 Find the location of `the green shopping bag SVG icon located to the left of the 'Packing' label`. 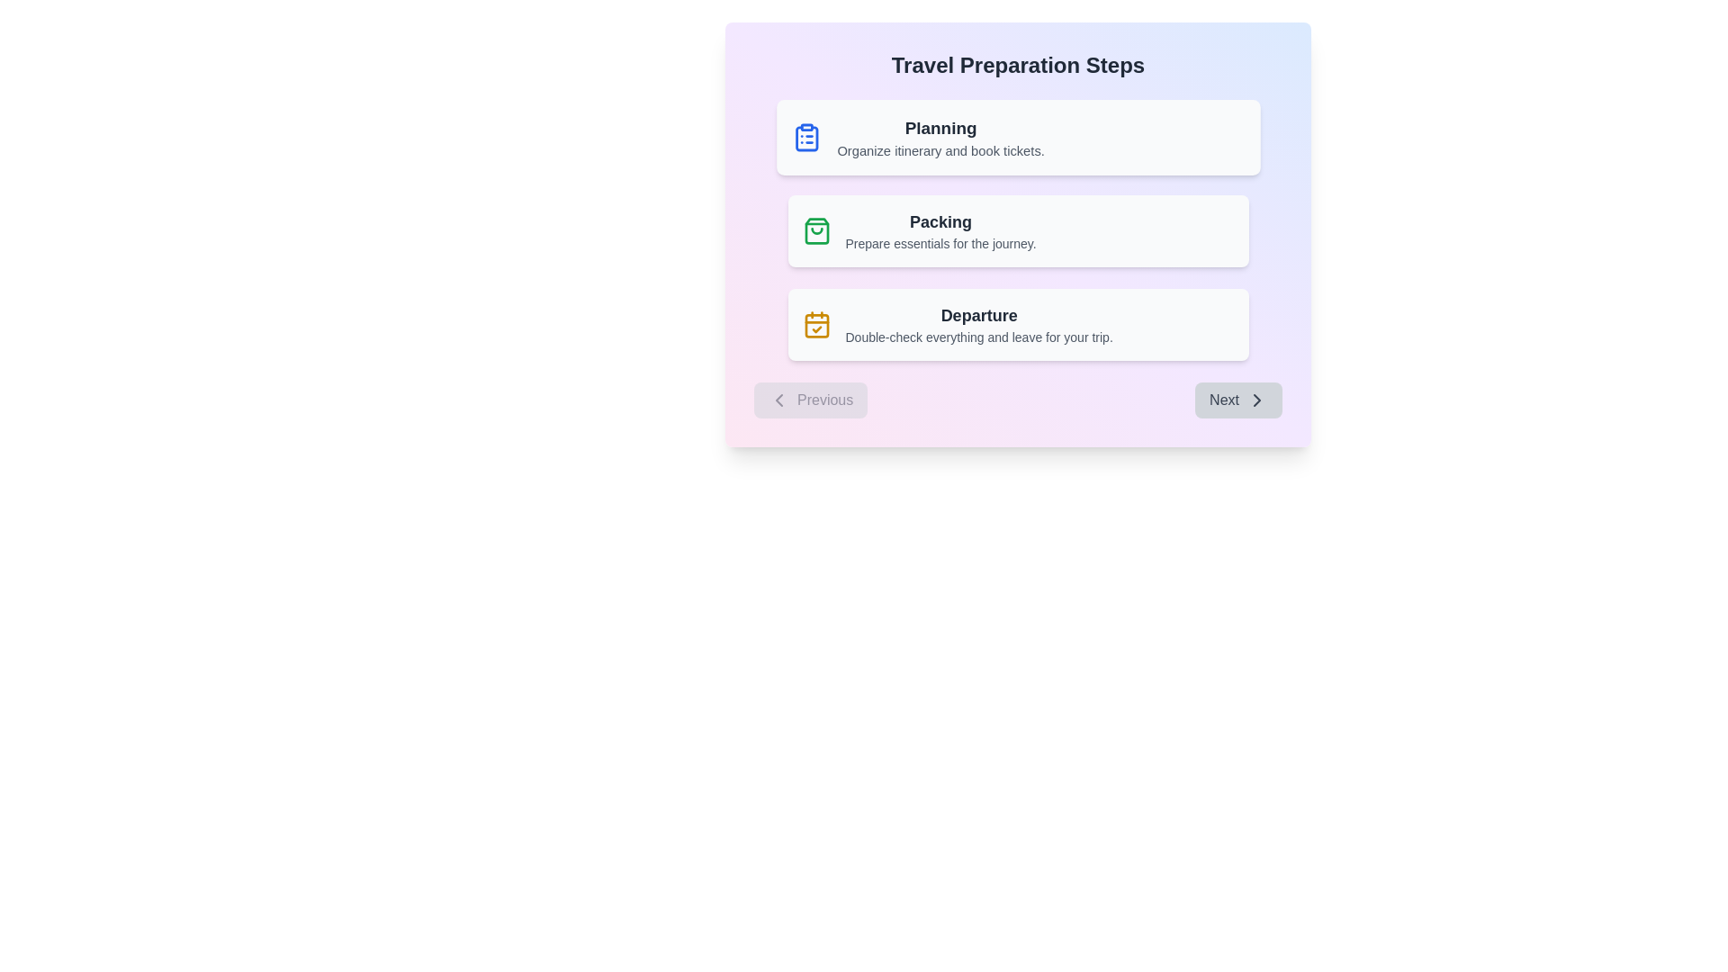

the green shopping bag SVG icon located to the left of the 'Packing' label is located at coordinates (815, 230).